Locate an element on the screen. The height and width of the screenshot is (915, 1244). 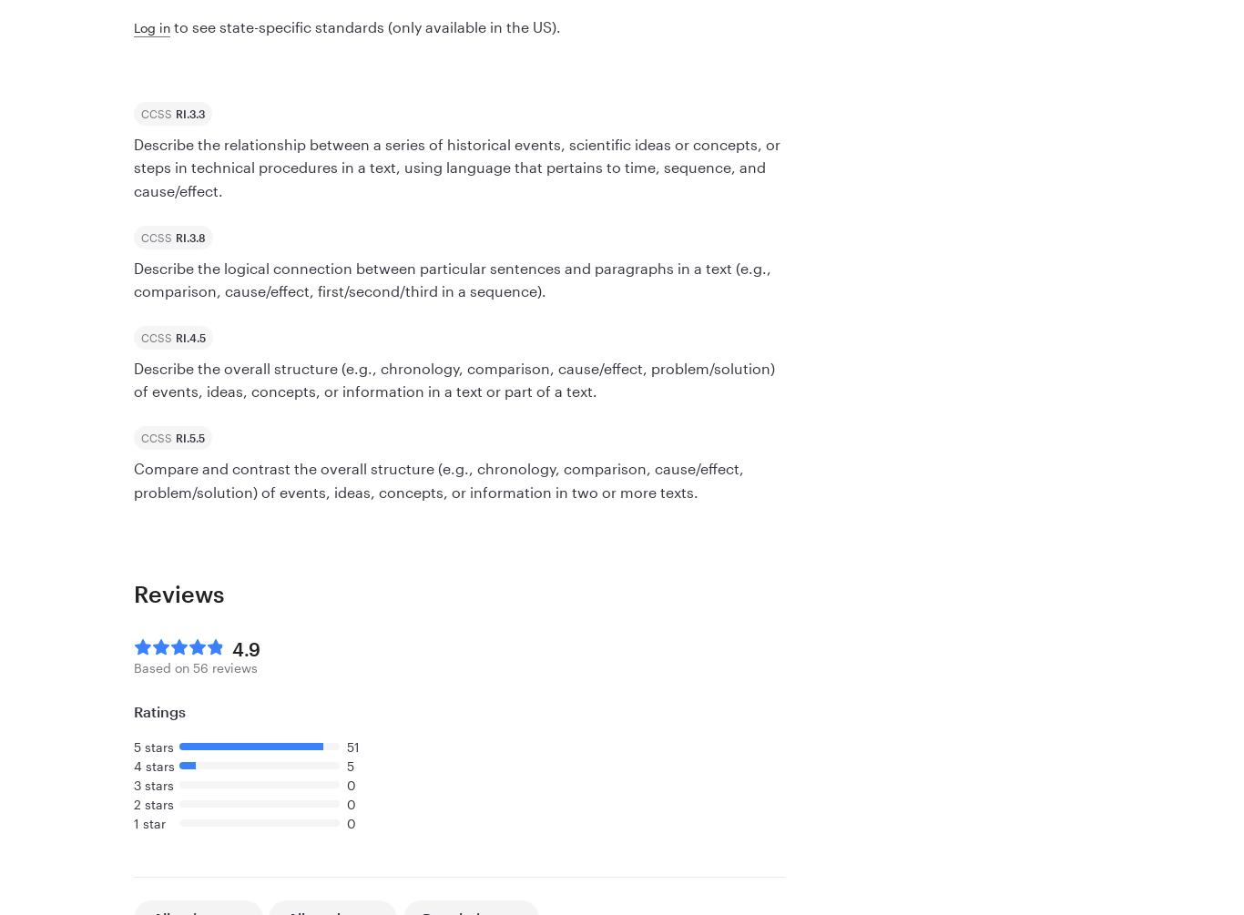
'Describe the relationship between a series of historical events, scientific ideas or concepts, or steps in technical procedures in a text, using language that pertains to time, sequence, and cause/effect.' is located at coordinates (457, 166).